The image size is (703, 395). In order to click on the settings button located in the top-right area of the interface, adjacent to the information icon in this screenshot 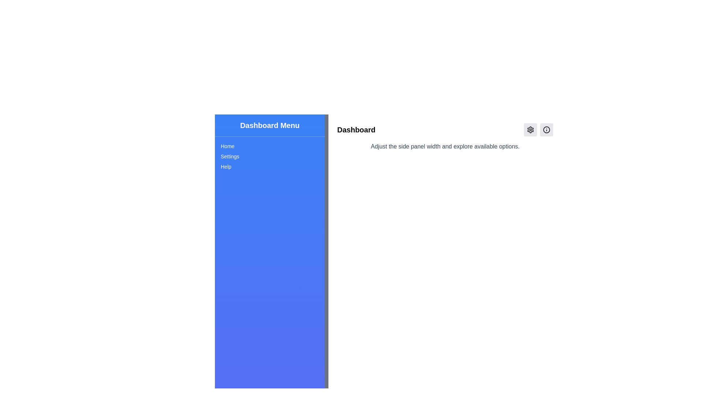, I will do `click(531, 129)`.